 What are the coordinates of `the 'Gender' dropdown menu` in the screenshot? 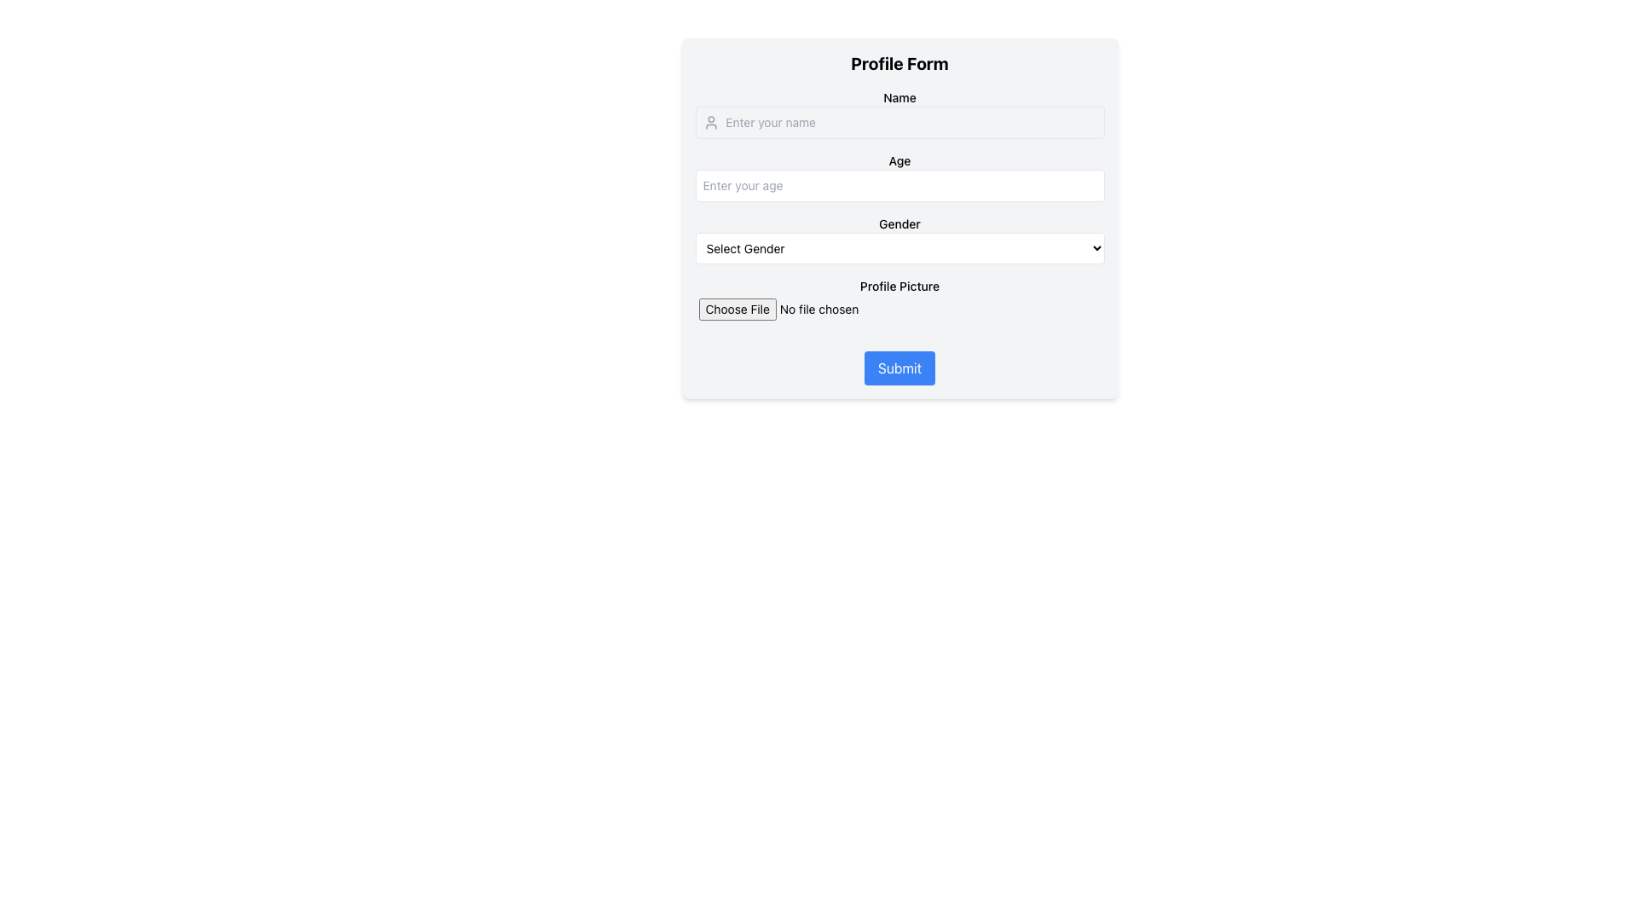 It's located at (899, 240).